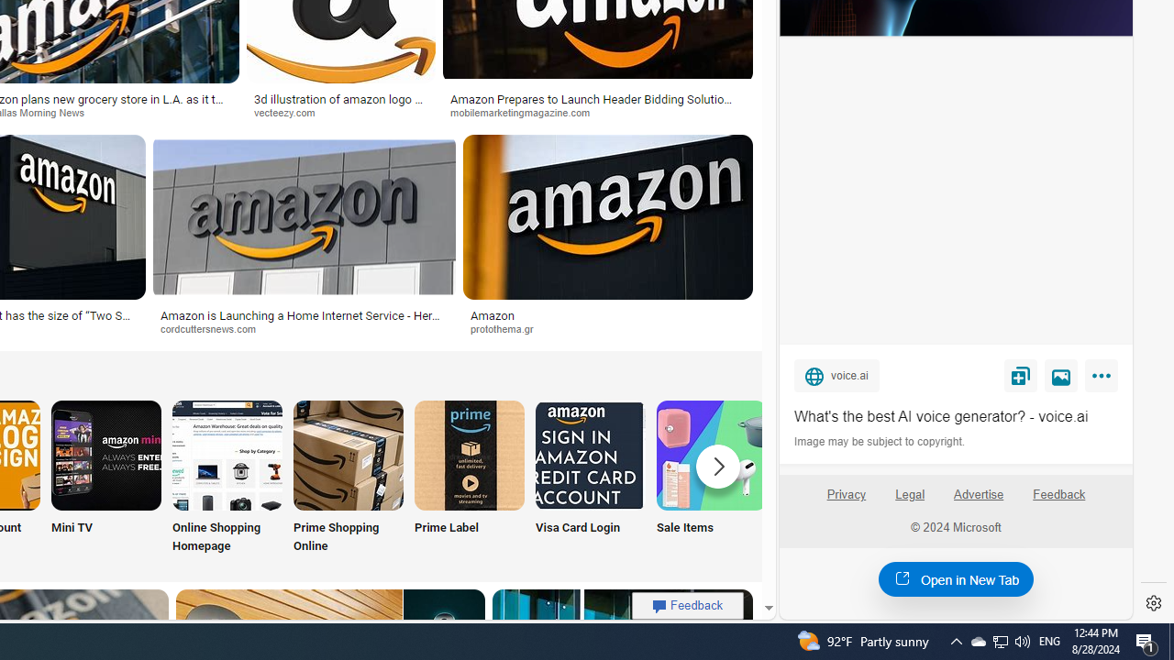 This screenshot has height=660, width=1174. What do you see at coordinates (470, 478) in the screenshot?
I see `'Amazon Prime Label Prime Label'` at bounding box center [470, 478].